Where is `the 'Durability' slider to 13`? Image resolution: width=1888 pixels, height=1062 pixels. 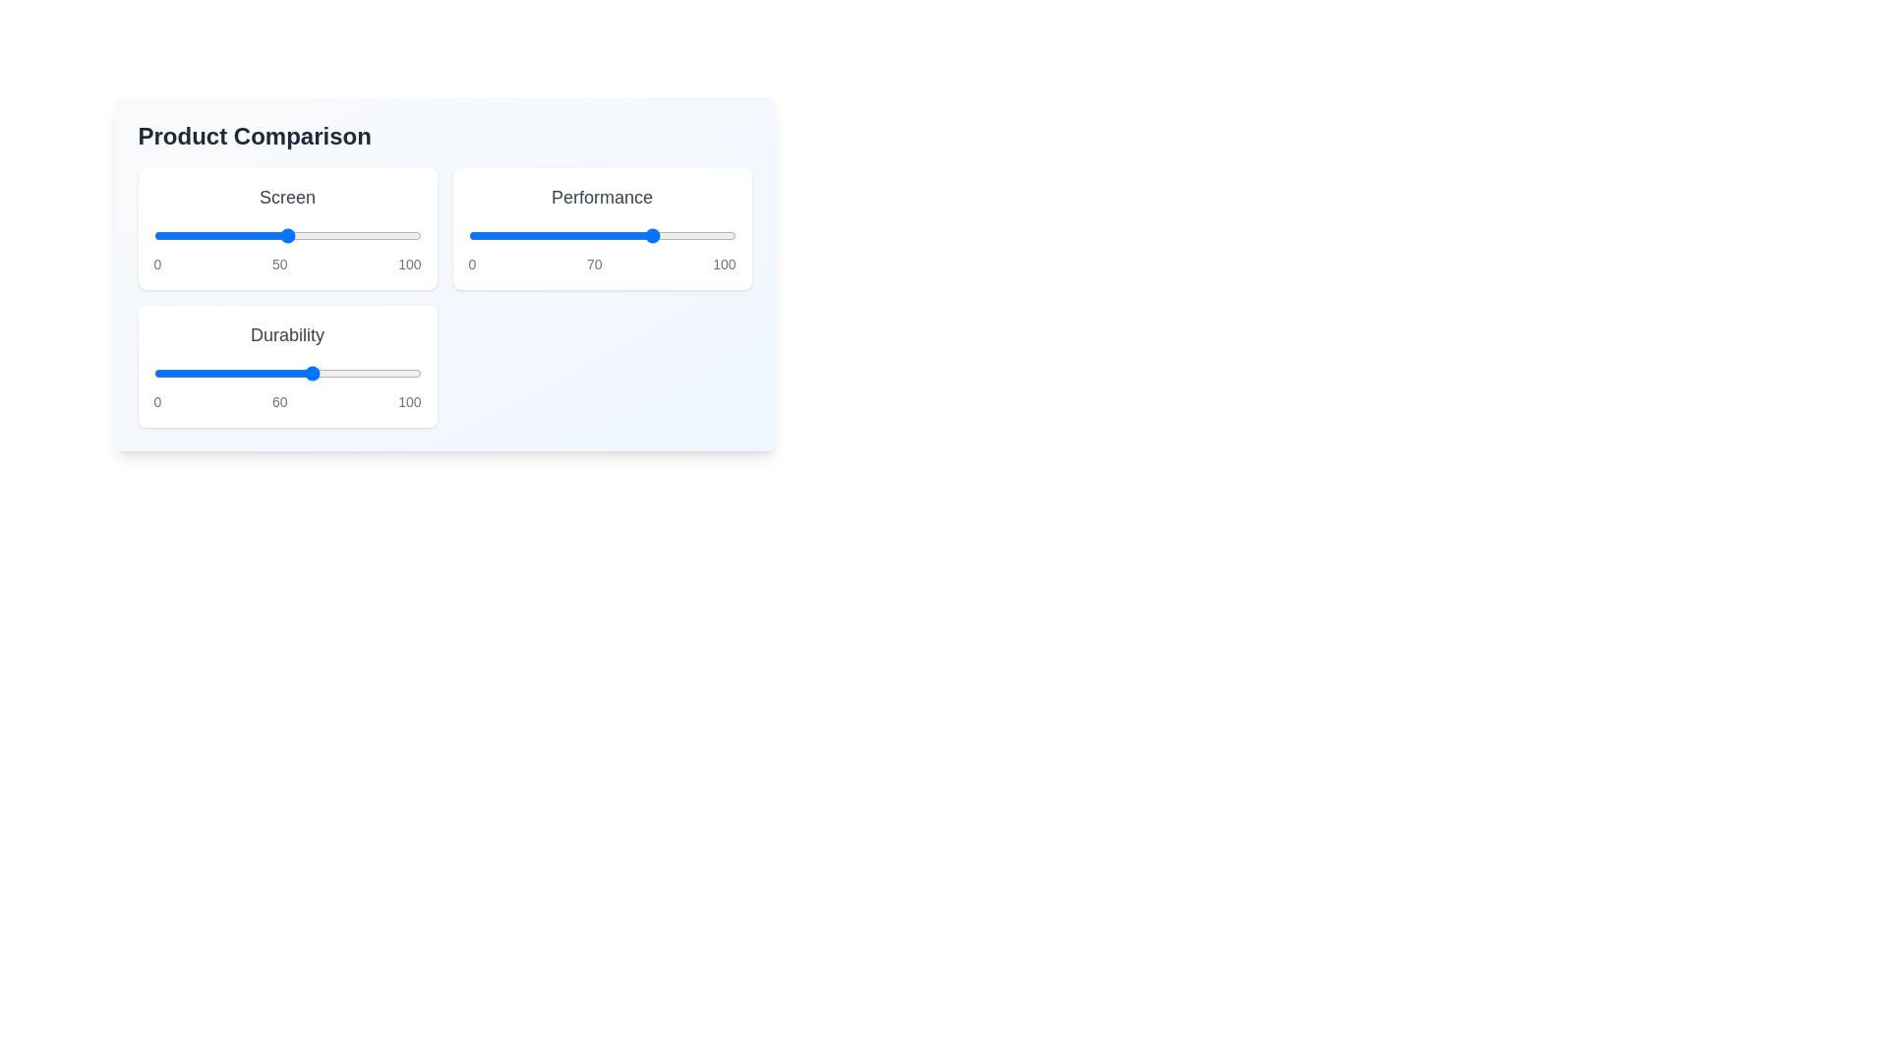 the 'Durability' slider to 13 is located at coordinates (188, 374).